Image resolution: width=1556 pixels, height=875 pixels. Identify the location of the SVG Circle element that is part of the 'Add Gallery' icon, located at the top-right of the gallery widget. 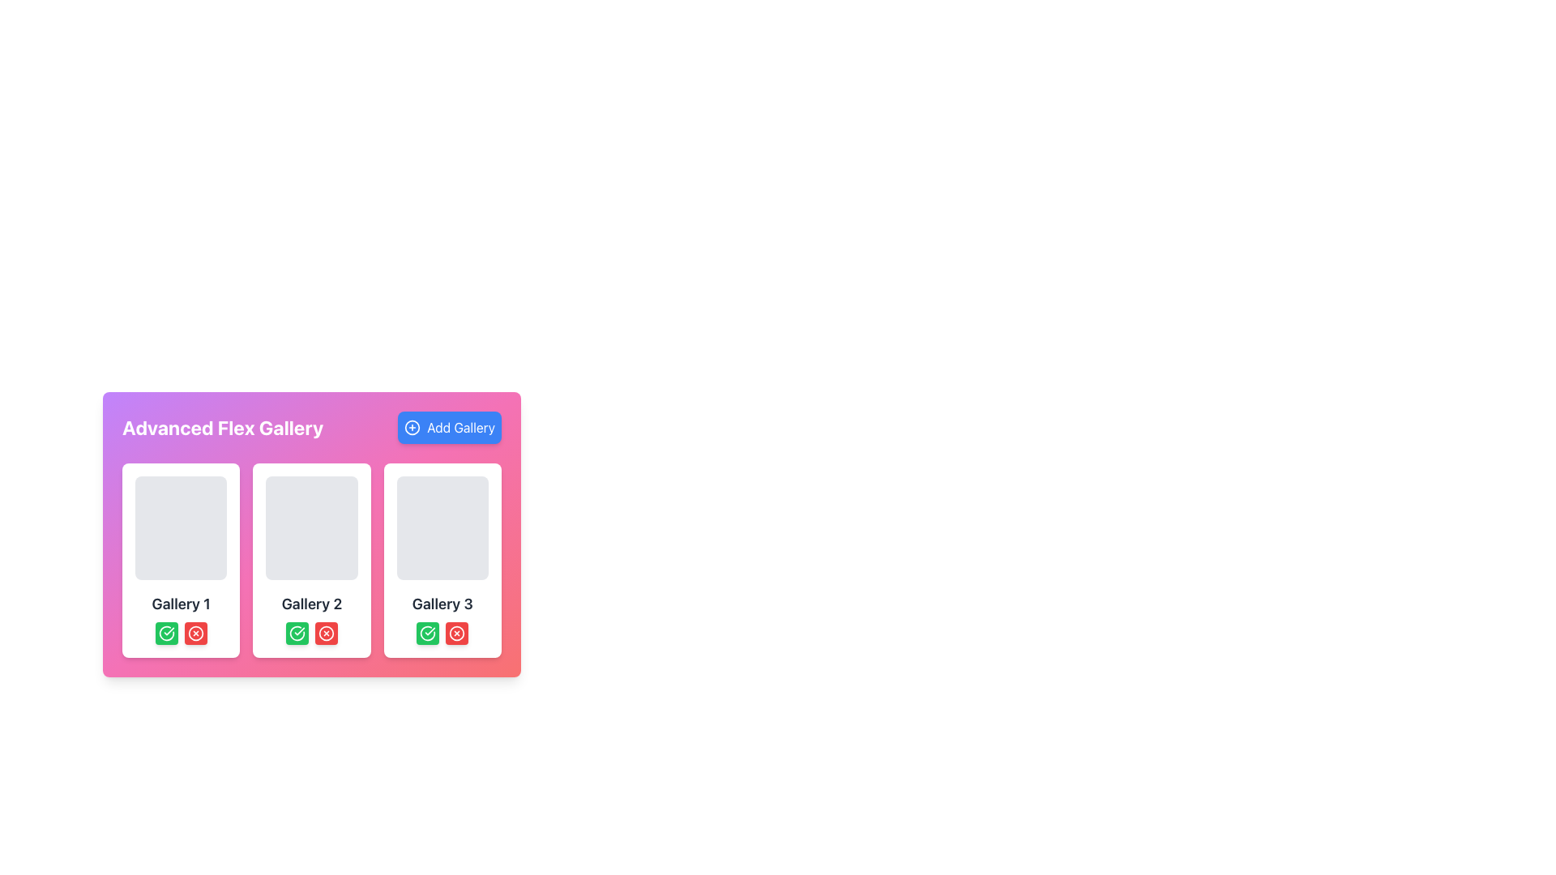
(413, 427).